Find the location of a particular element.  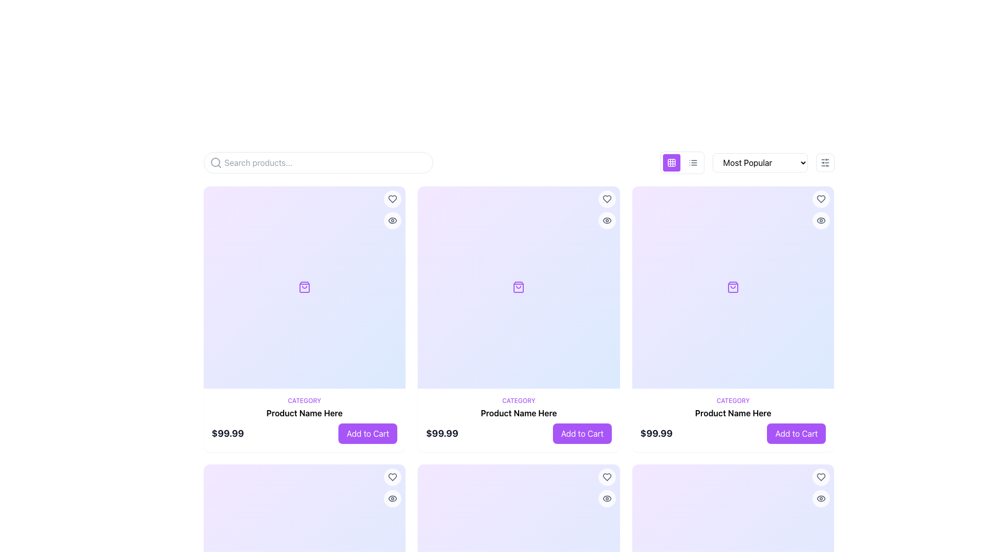

the heart icon located in the top-right corner of a product card to mark the product as a favorite is located at coordinates (392, 477).